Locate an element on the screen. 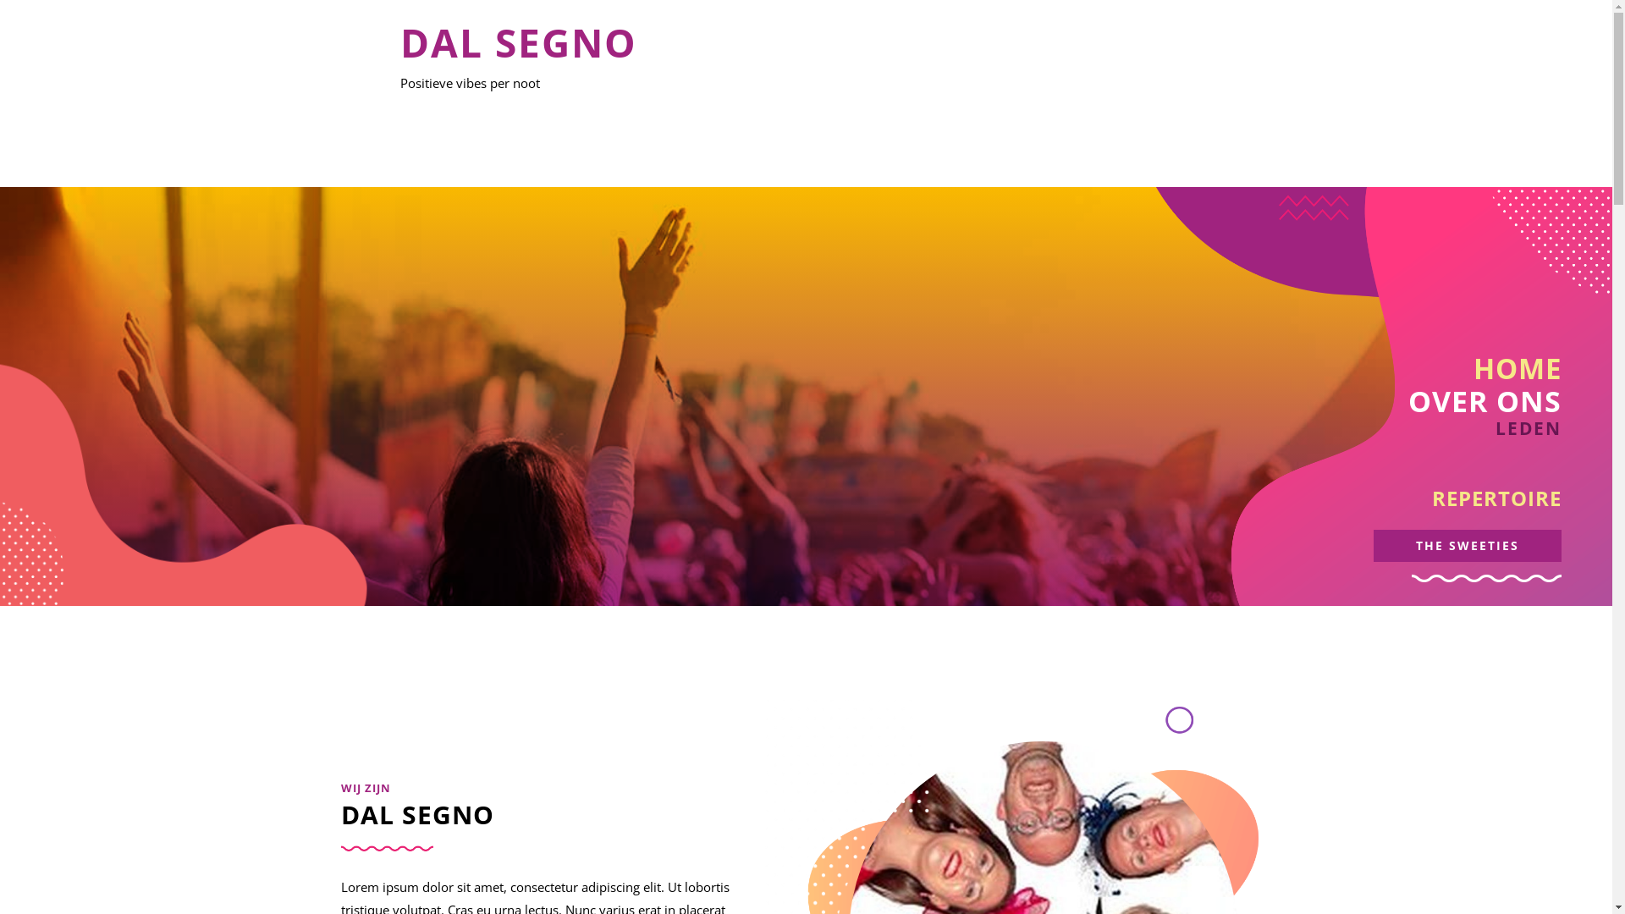 The image size is (1625, 914). 'THE SWEETIES' is located at coordinates (1466, 545).